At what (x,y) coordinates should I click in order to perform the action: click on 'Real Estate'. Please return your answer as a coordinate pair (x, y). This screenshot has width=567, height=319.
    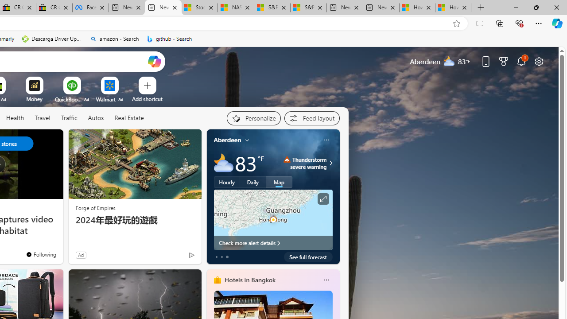
    Looking at the image, I should click on (128, 117).